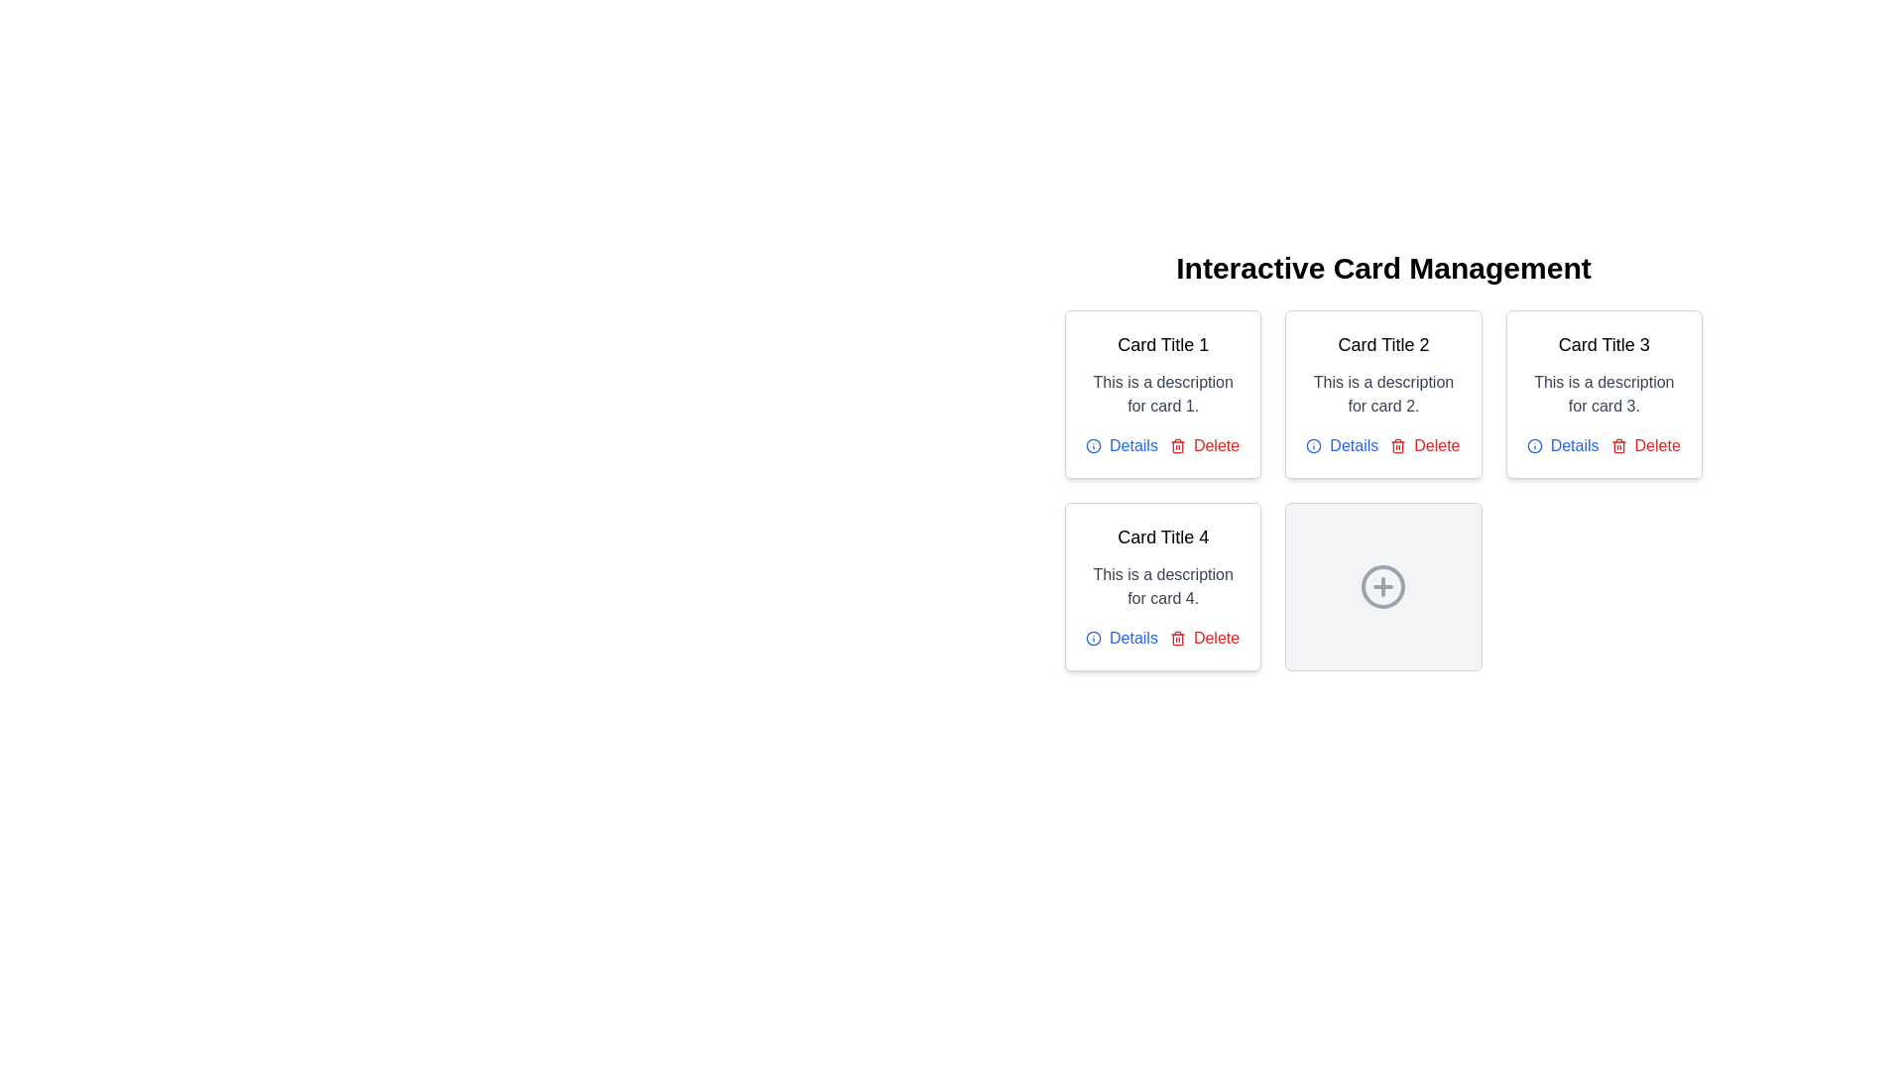 This screenshot has height=1071, width=1904. I want to click on title text label of the card located in the second row, first column of the main grid, which is positioned directly above the description text 'This is a description for card 4.', so click(1163, 537).